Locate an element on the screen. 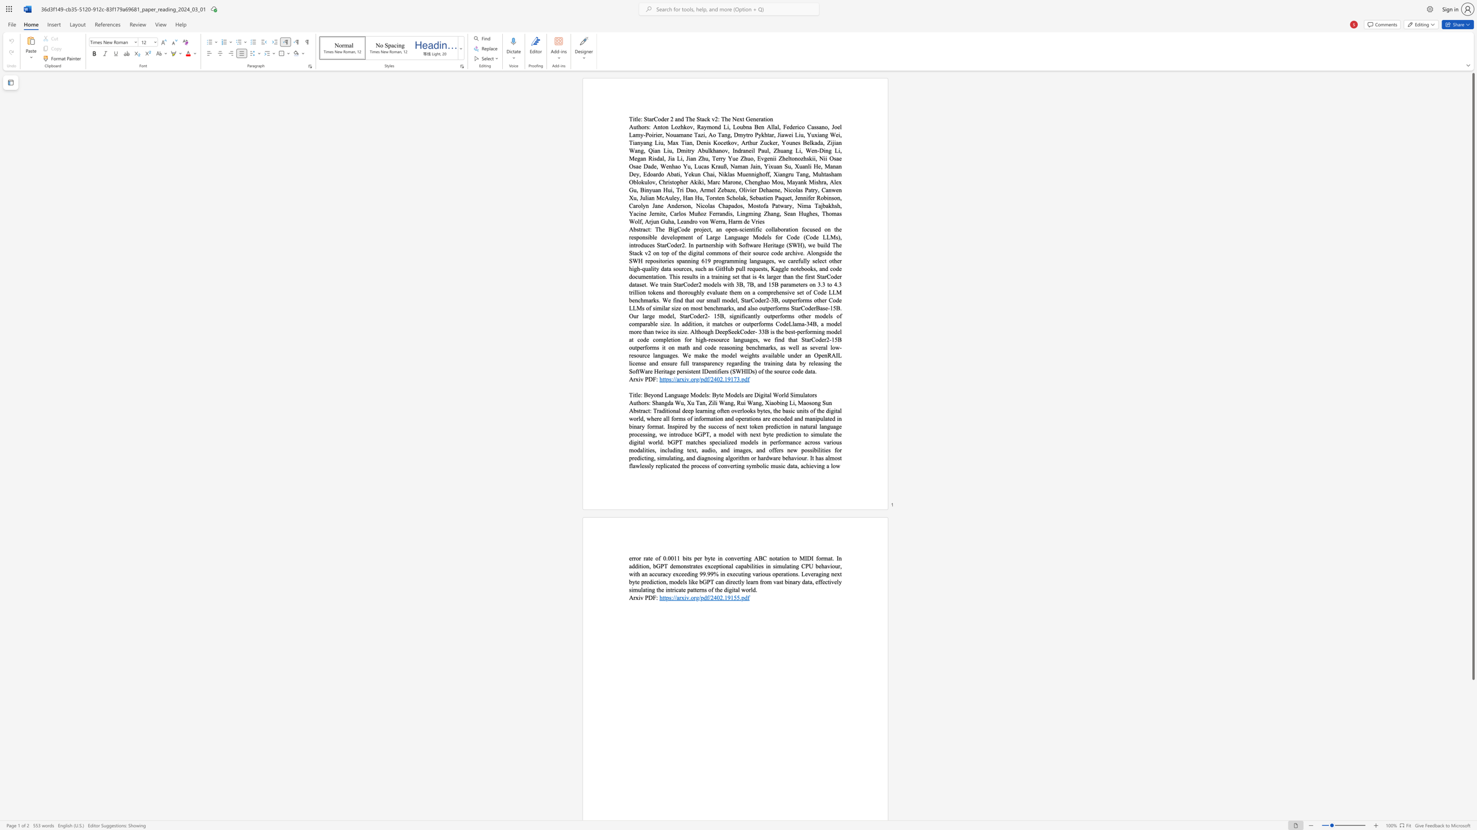 This screenshot has height=830, width=1477. the subset text "ngda" within the text "Shangda Wu," is located at coordinates (661, 403).